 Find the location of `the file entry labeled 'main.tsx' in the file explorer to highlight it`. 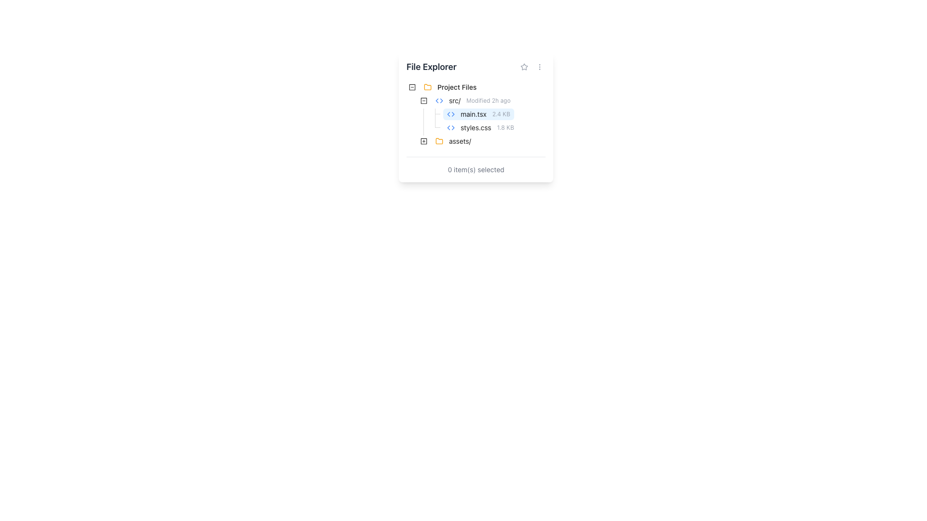

the file entry labeled 'main.tsx' in the file explorer to highlight it is located at coordinates (478, 113).